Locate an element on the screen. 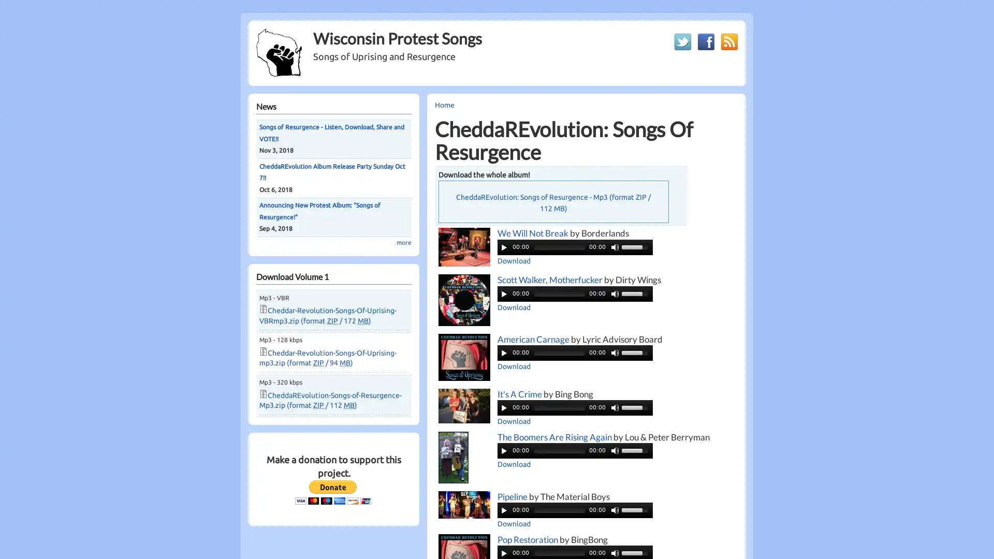  Mute Toggle is located at coordinates (615, 293).